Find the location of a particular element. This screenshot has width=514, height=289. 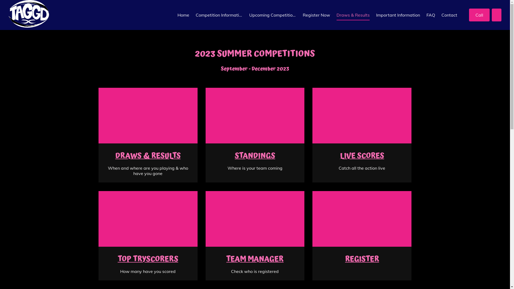

'TEAM MANAGER' is located at coordinates (254, 259).